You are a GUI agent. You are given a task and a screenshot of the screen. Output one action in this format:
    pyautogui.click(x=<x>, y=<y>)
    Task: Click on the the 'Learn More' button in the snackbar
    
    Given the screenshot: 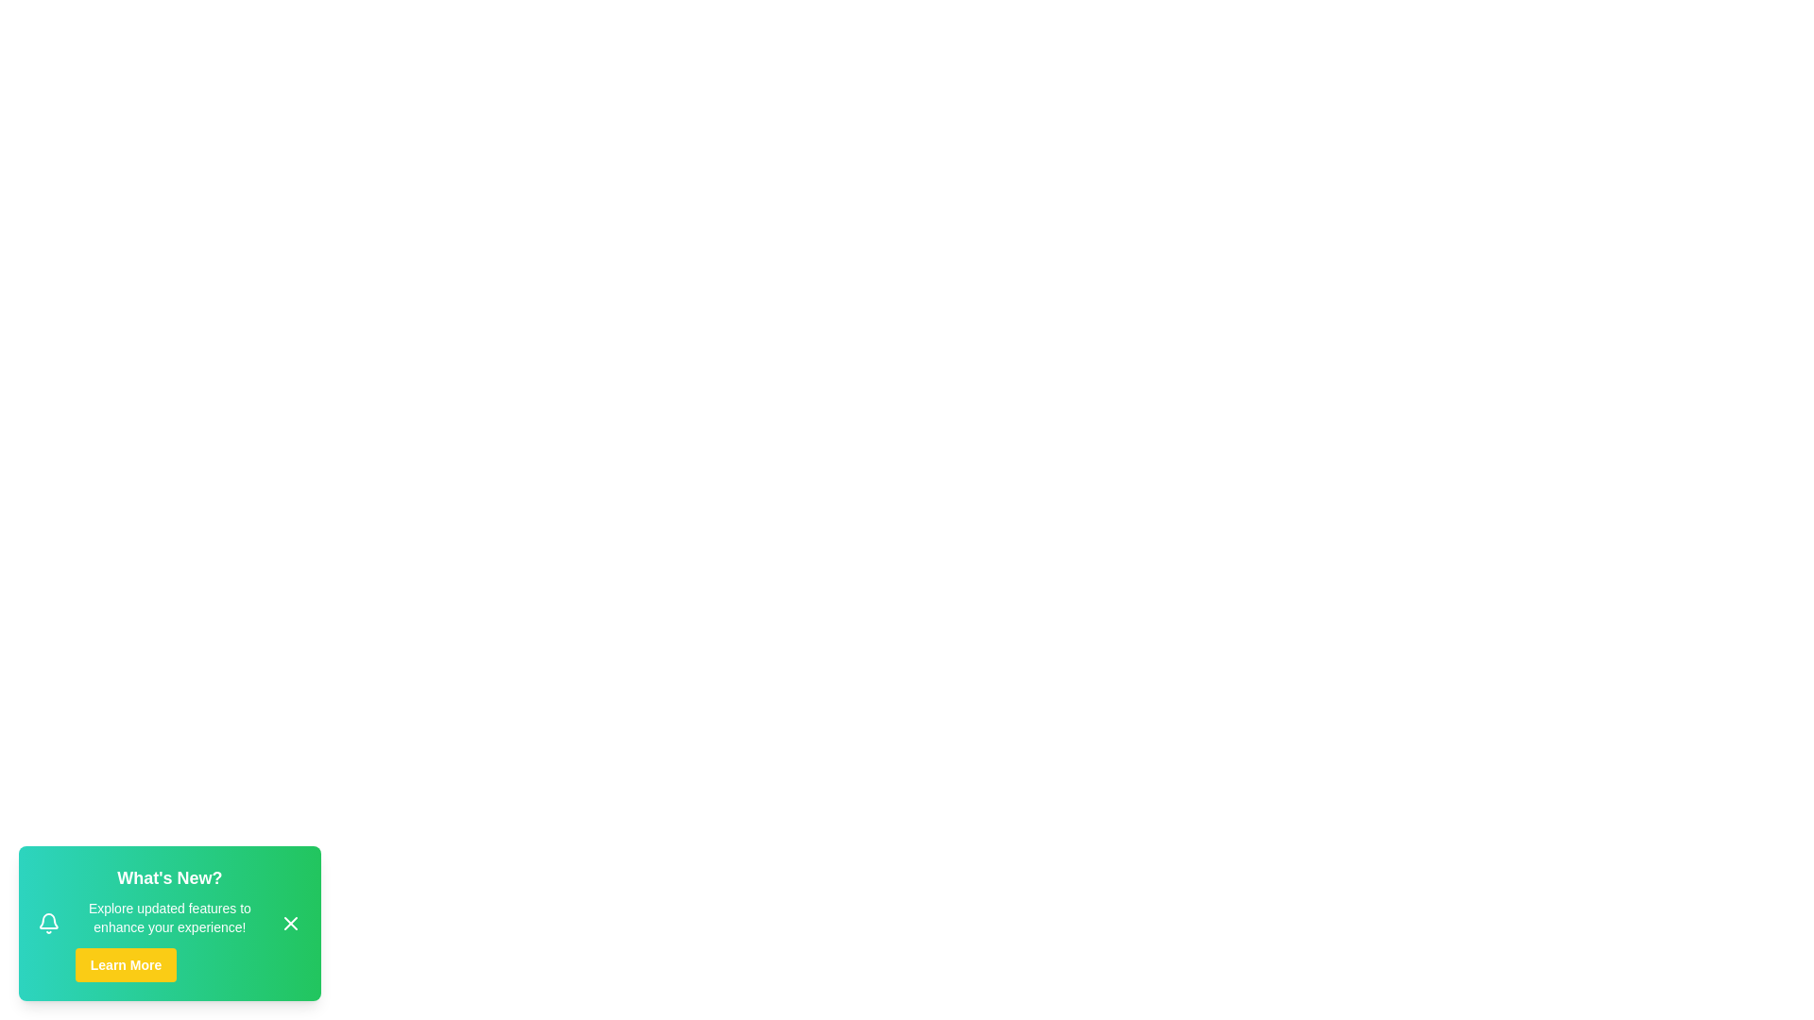 What is the action you would take?
    pyautogui.click(x=125, y=965)
    